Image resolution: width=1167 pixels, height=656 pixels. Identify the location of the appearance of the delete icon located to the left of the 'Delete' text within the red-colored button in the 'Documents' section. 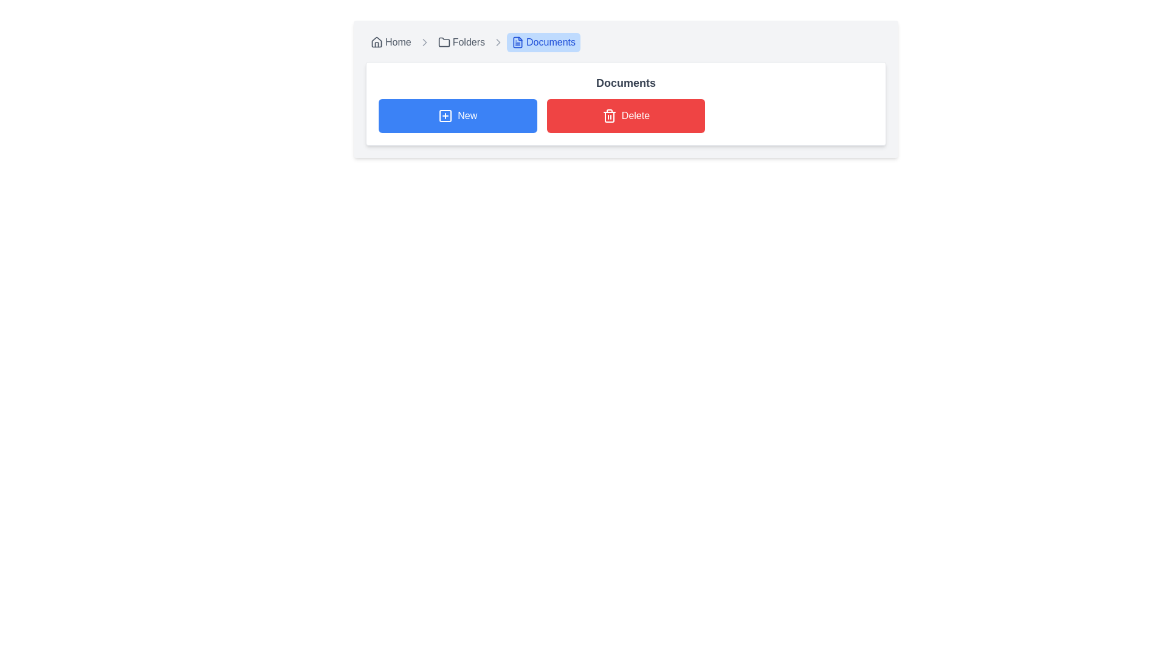
(609, 116).